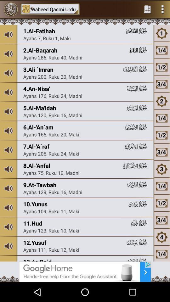 The width and height of the screenshot is (170, 302). Describe the element at coordinates (162, 9) in the screenshot. I see `the more icon` at that location.